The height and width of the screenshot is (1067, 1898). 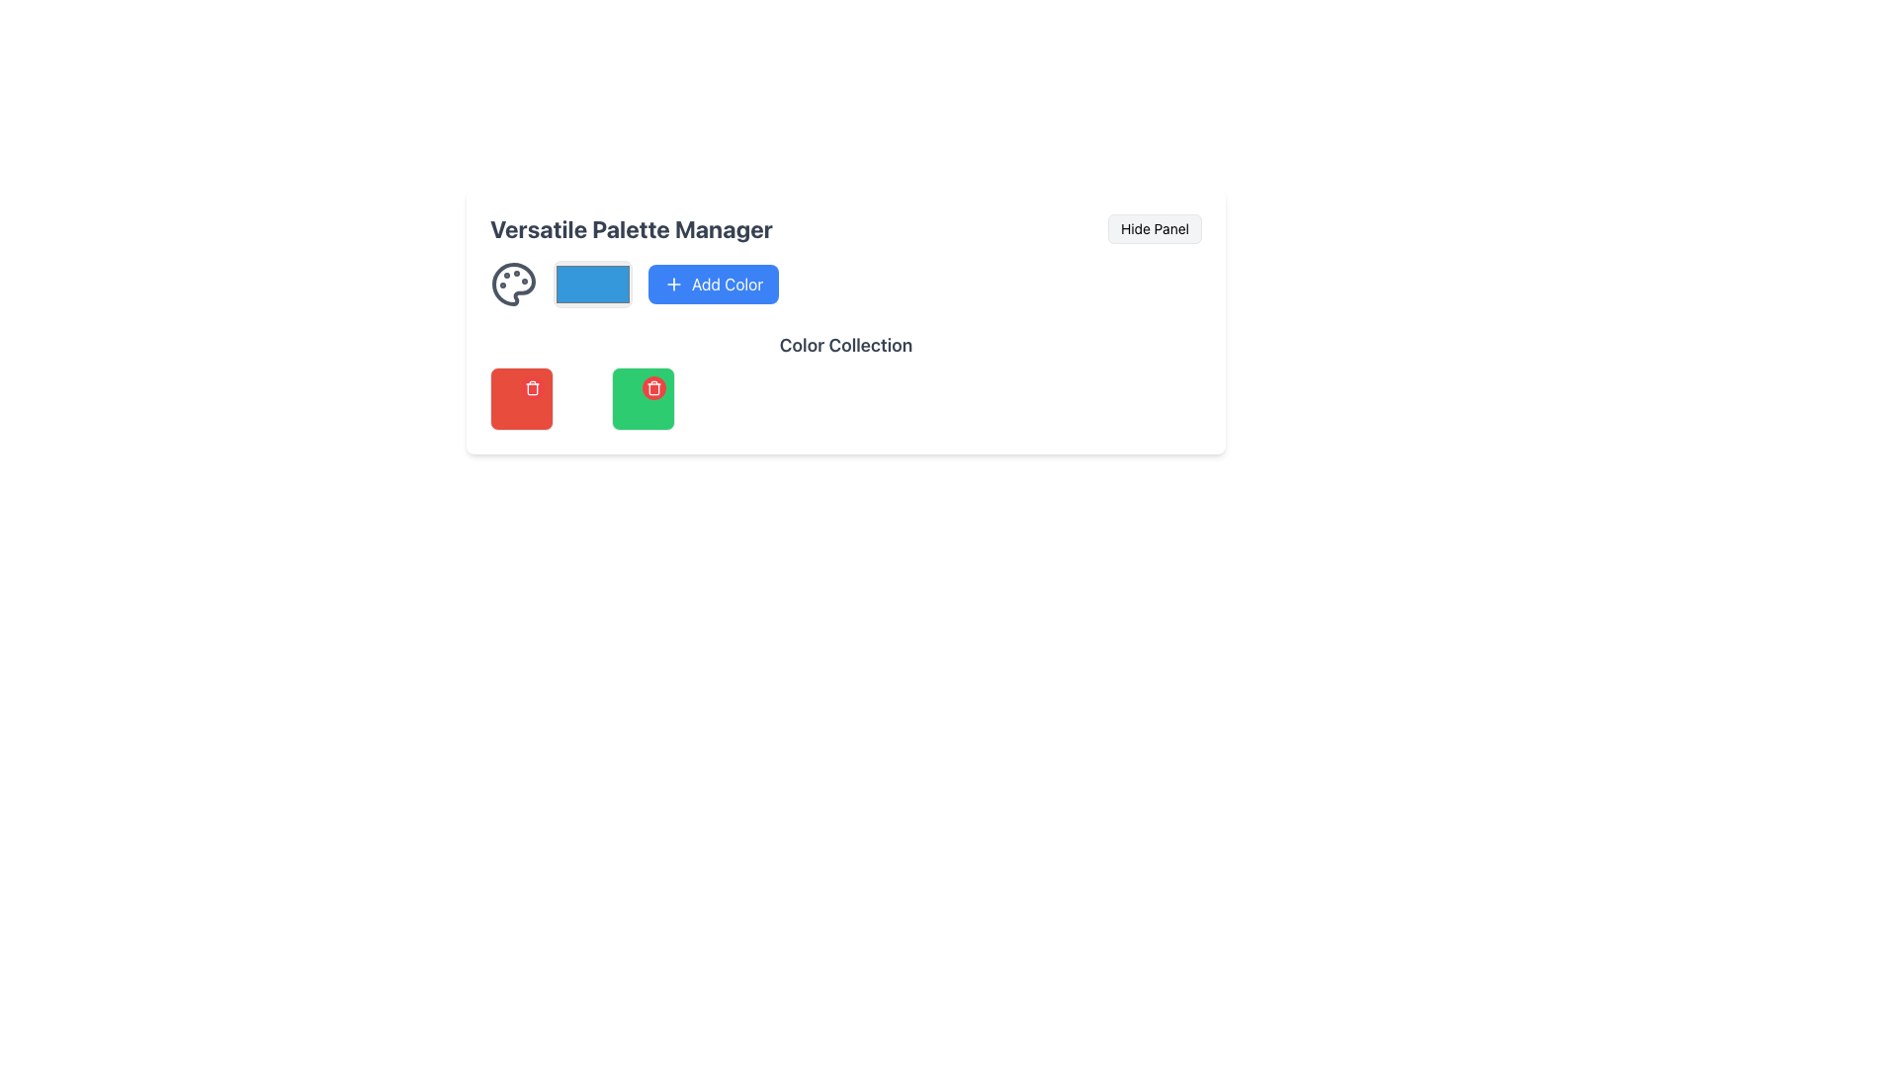 What do you see at coordinates (653, 388) in the screenshot?
I see `the small red circular button with a white trashcan icon located at the top-right corner of the green square card` at bounding box center [653, 388].